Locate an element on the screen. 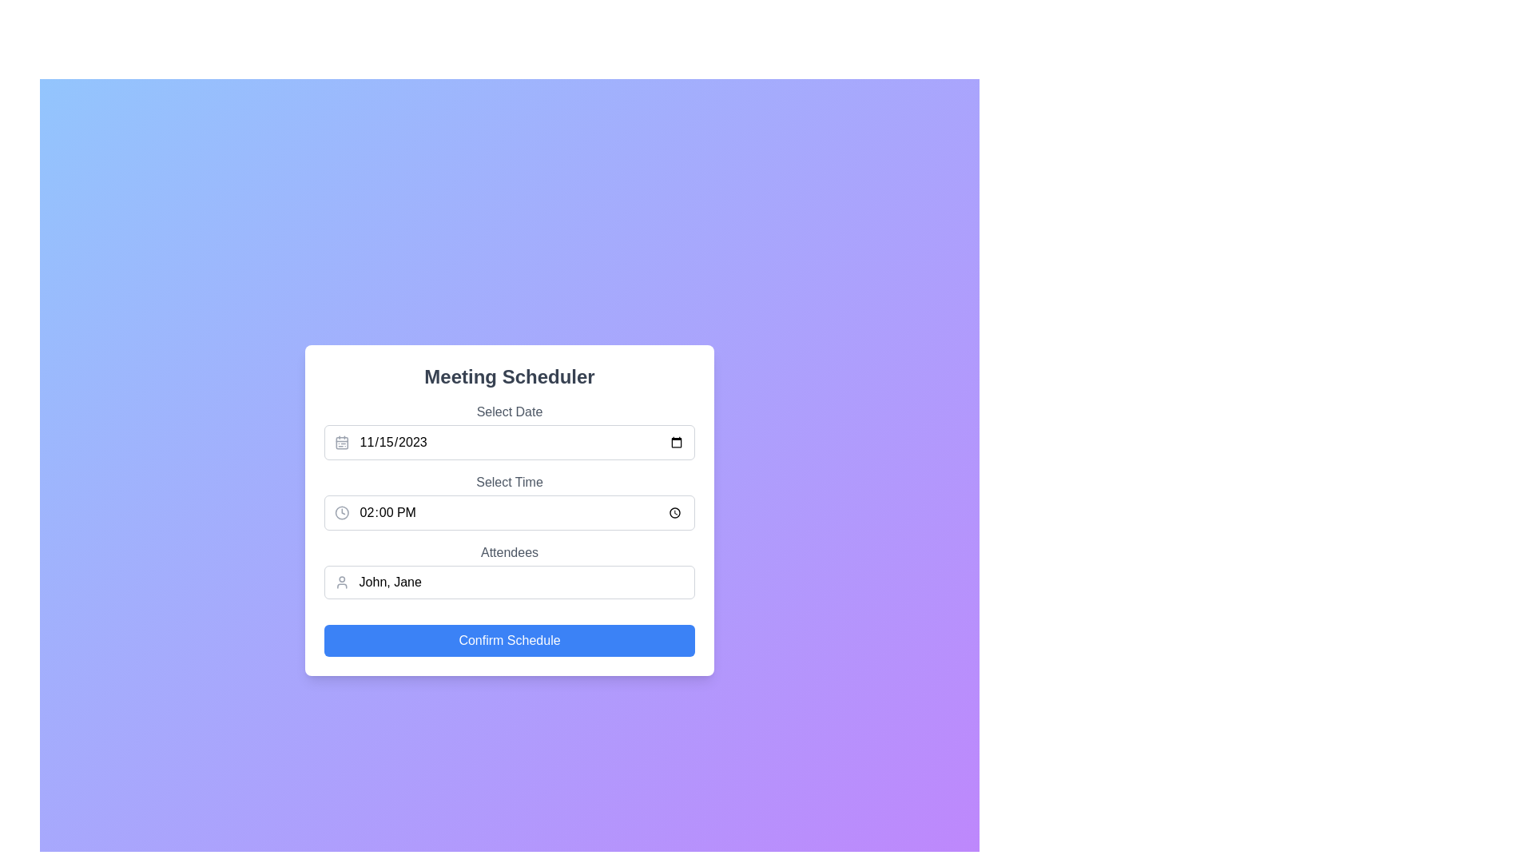 The height and width of the screenshot is (863, 1534). the icon that visually indicates the attendees field, which is located at the beginning of the attendee input field adjacent to the names 'John, Jane' is located at coordinates (341, 583).